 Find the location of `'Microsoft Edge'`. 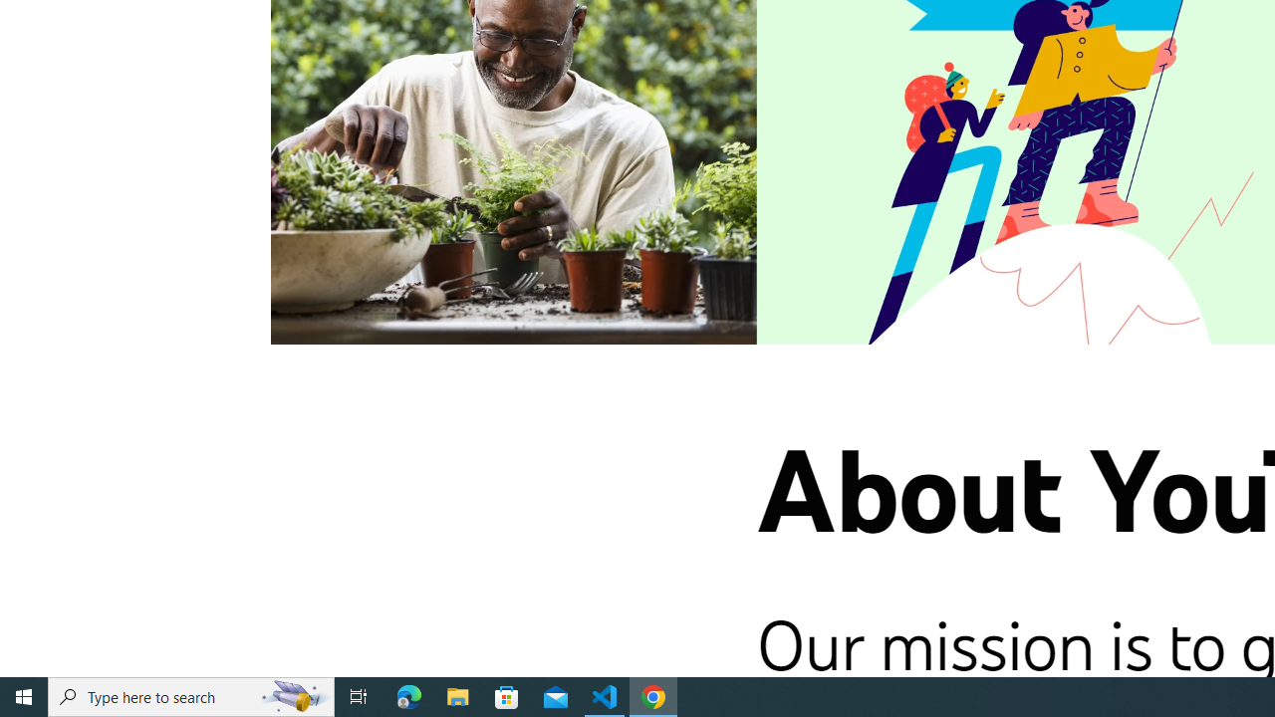

'Microsoft Edge' is located at coordinates (408, 695).